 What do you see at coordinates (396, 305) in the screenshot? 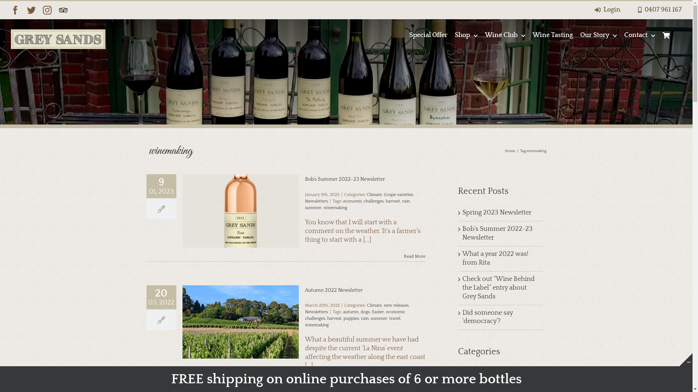
I see `'new releases'` at bounding box center [396, 305].